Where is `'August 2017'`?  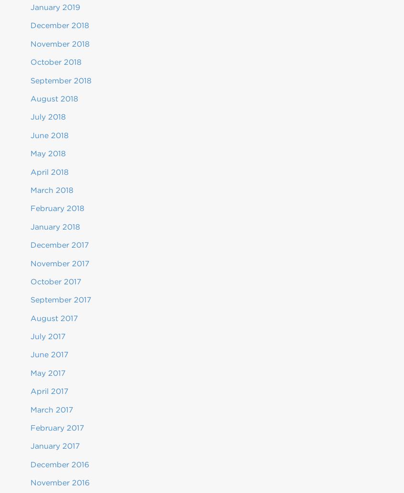 'August 2017' is located at coordinates (53, 317).